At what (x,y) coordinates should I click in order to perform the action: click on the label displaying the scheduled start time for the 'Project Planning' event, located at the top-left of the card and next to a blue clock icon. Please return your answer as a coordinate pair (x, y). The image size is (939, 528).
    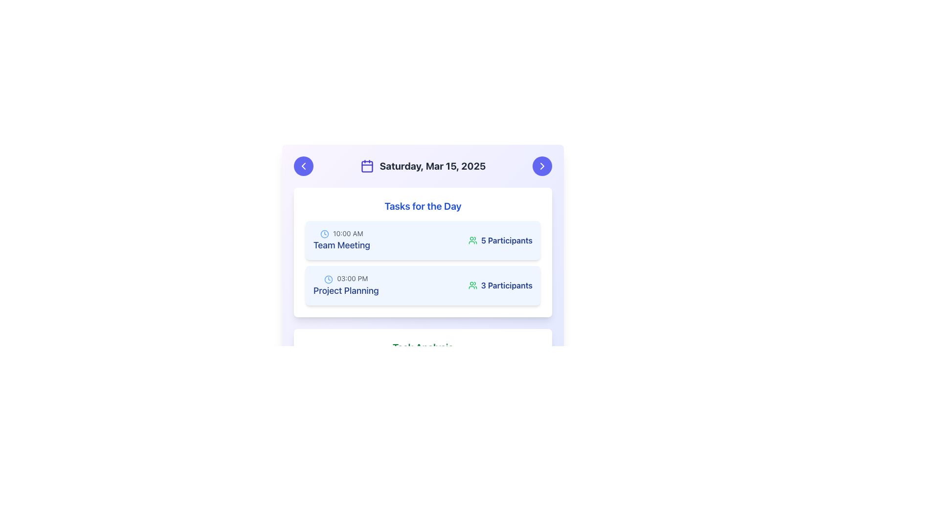
    Looking at the image, I should click on (346, 279).